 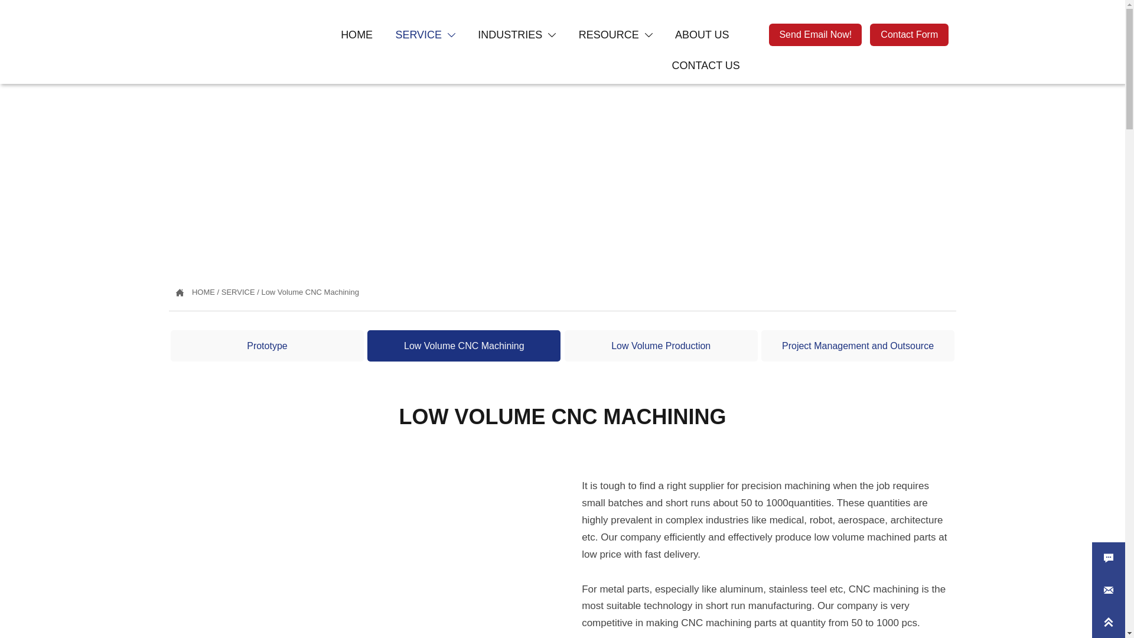 What do you see at coordinates (814, 34) in the screenshot?
I see `'Send Email Now!'` at bounding box center [814, 34].